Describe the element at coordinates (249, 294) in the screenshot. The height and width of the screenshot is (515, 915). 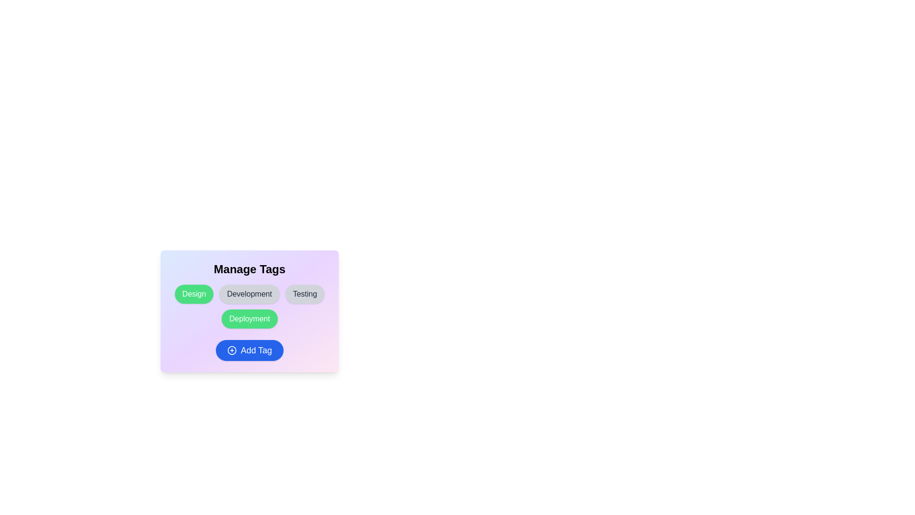
I see `the tag chip labeled Development` at that location.